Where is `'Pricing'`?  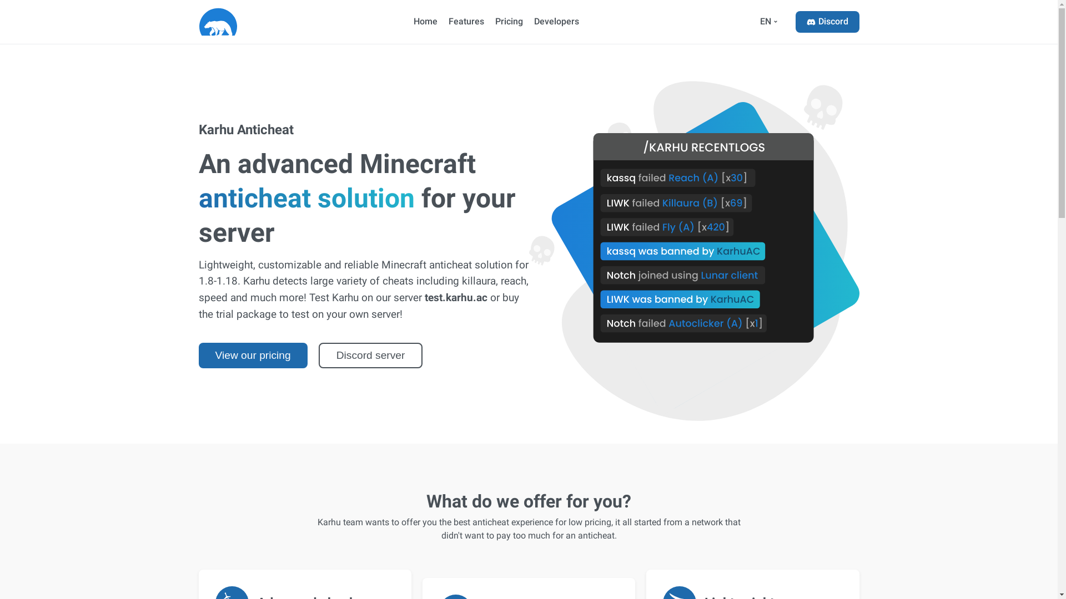 'Pricing' is located at coordinates (508, 22).